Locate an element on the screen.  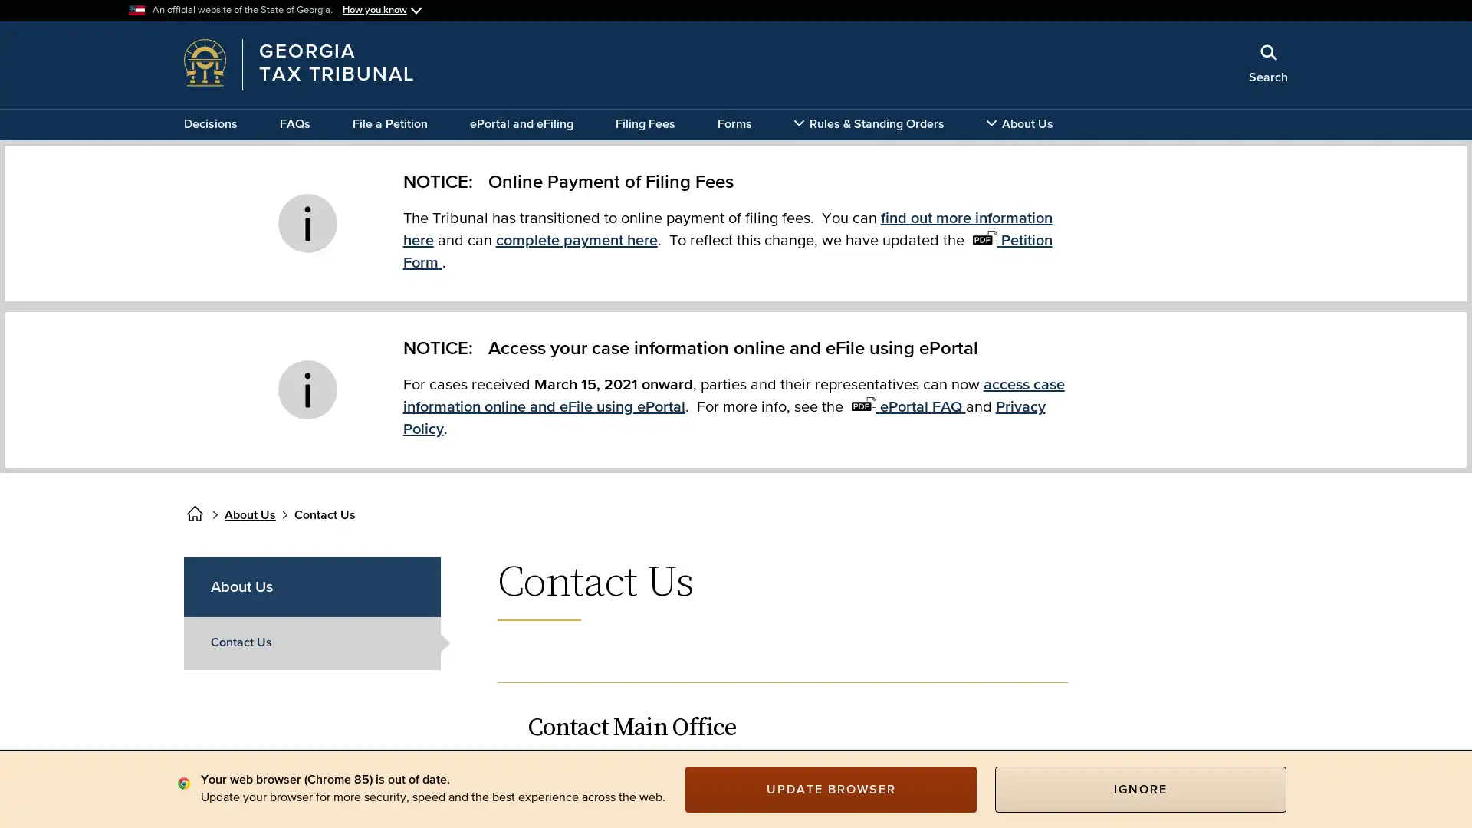
IGNORE is located at coordinates (1141, 789).